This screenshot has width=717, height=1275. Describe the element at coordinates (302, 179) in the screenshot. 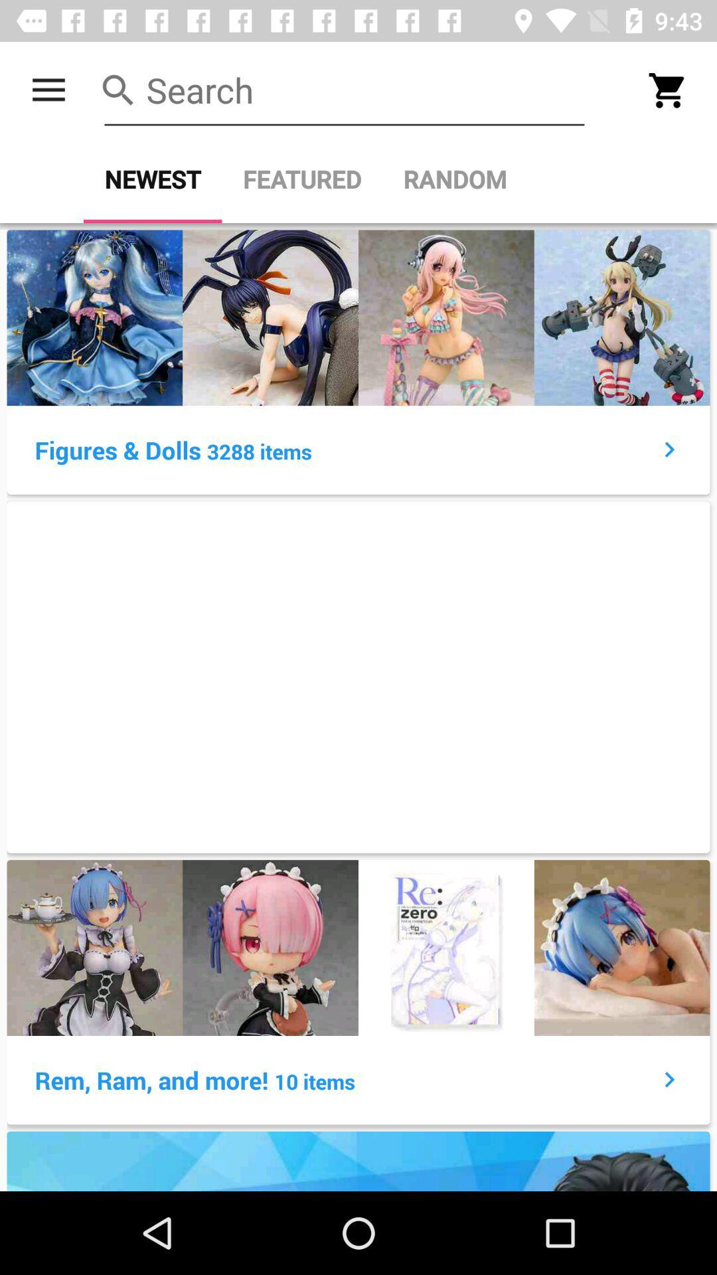

I see `item to the left of random icon` at that location.